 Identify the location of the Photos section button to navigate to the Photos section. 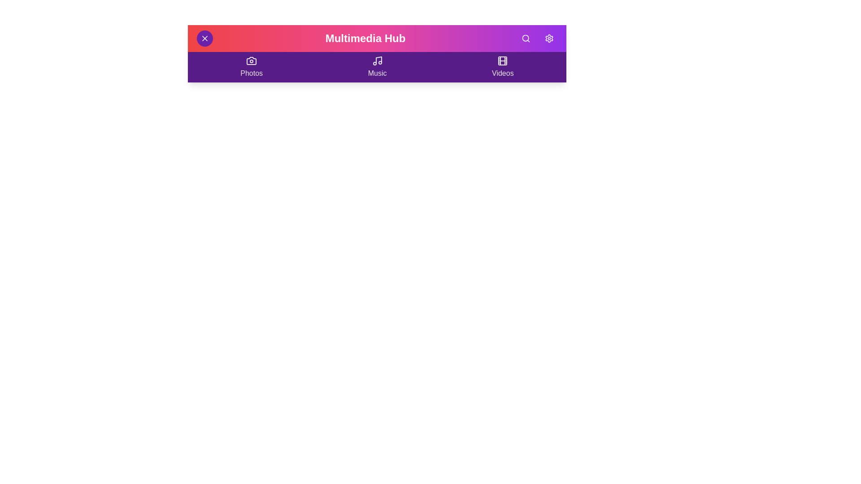
(251, 67).